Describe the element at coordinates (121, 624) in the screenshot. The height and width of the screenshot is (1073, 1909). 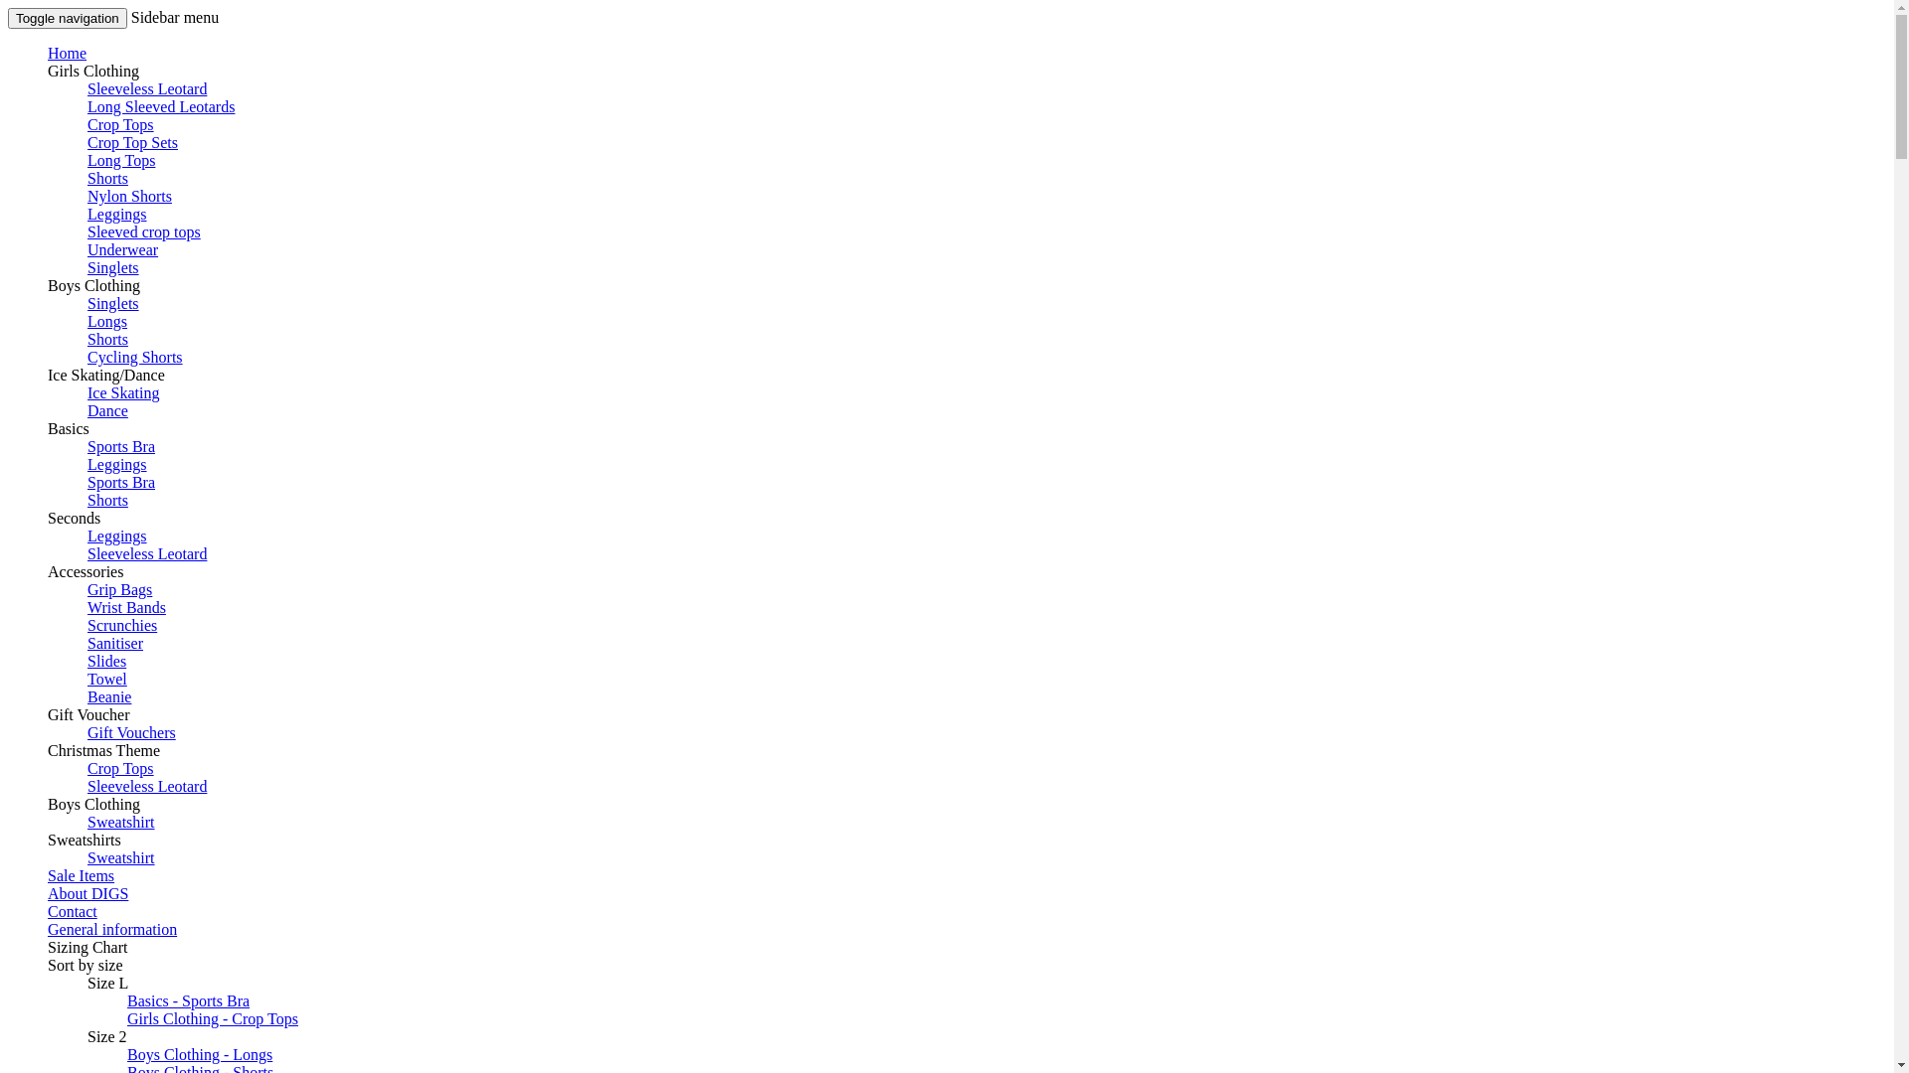
I see `'Scrunchies'` at that location.